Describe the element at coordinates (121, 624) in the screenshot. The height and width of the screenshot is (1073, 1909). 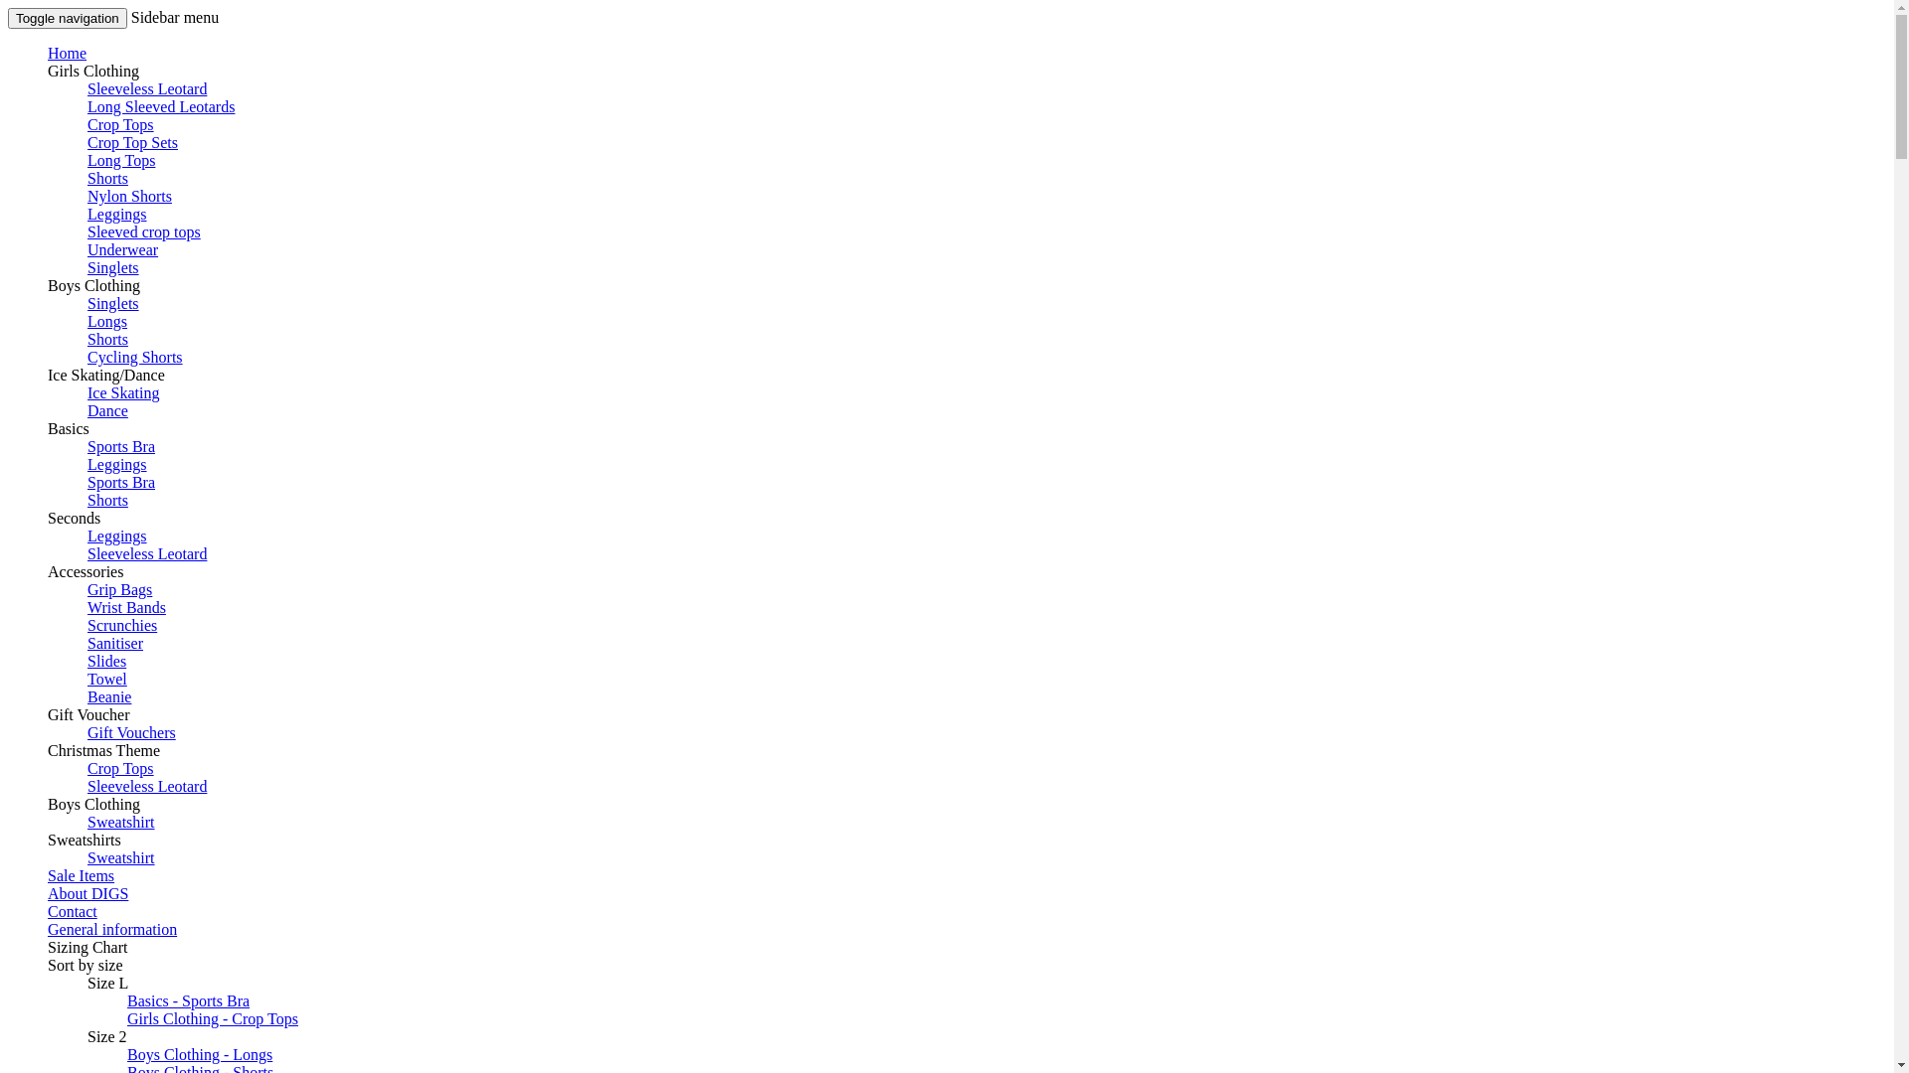
I see `'Scrunchies'` at that location.